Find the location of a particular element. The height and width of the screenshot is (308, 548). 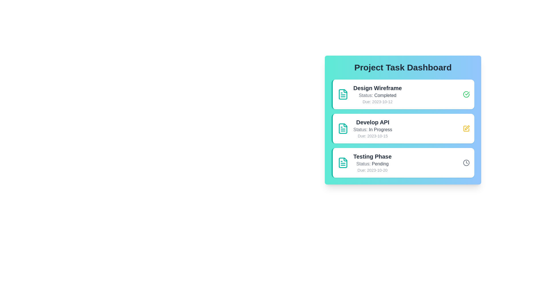

the task card for Design Wireframe to access detailed task information is located at coordinates (402, 94).